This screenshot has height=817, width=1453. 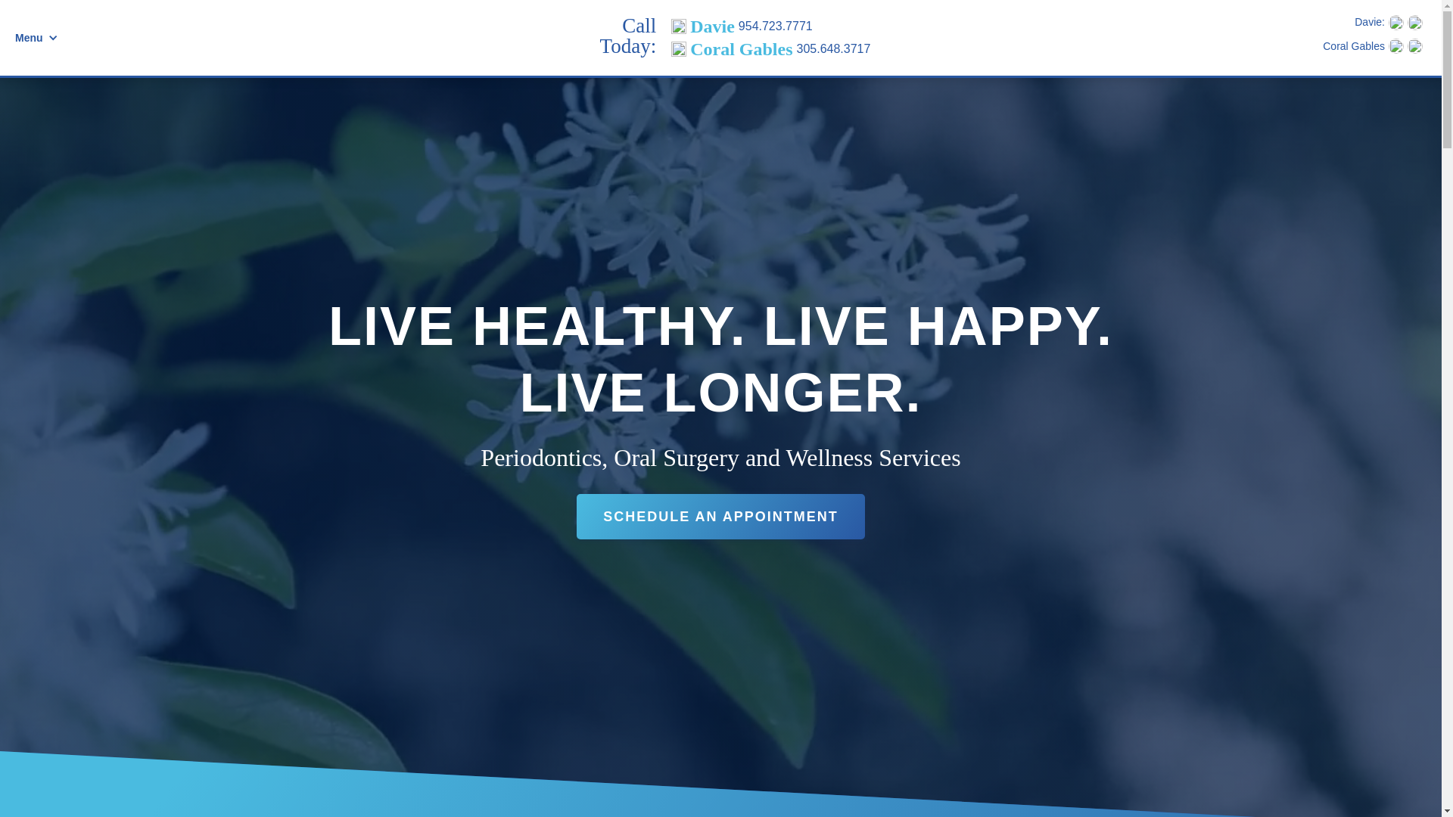 I want to click on 'Davie, so click(x=770, y=26).